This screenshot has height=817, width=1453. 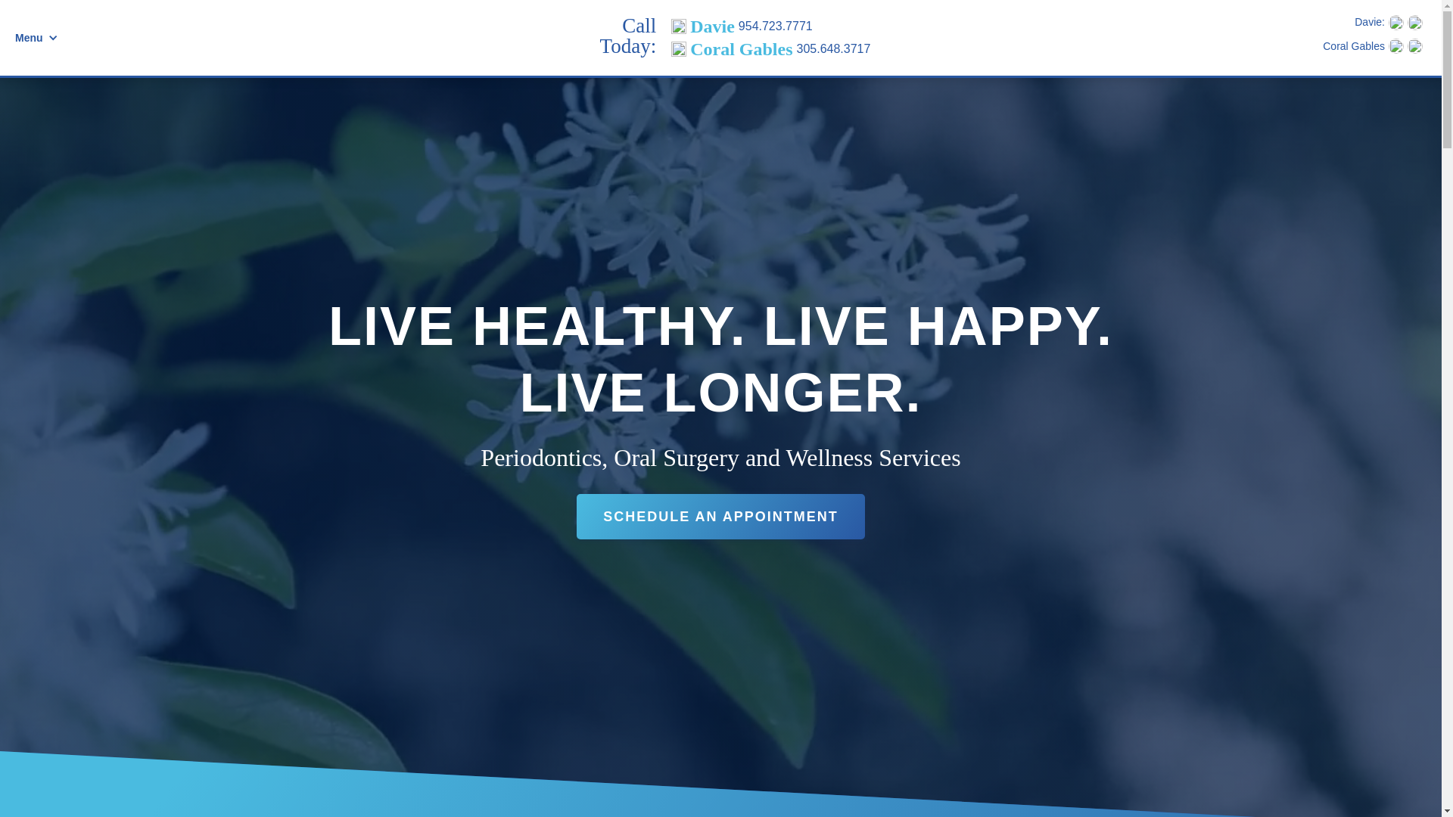 I want to click on 'Davie, so click(x=770, y=26).